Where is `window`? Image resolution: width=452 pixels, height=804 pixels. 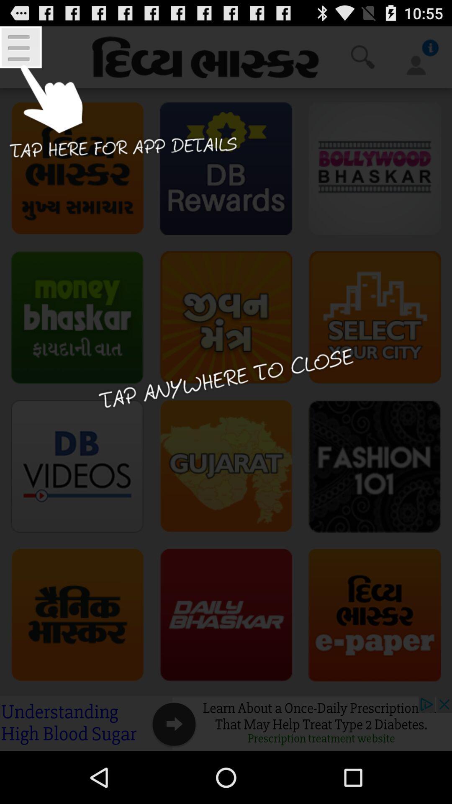 window is located at coordinates (226, 388).